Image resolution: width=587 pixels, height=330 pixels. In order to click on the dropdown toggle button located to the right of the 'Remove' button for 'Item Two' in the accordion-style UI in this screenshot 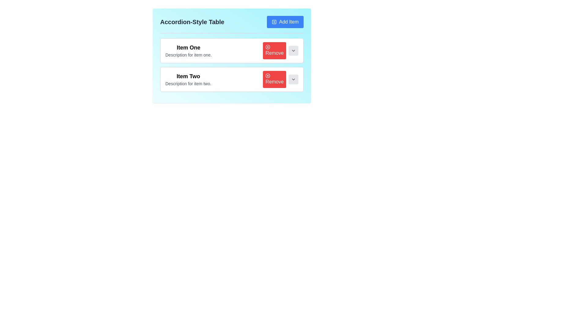, I will do `click(293, 79)`.